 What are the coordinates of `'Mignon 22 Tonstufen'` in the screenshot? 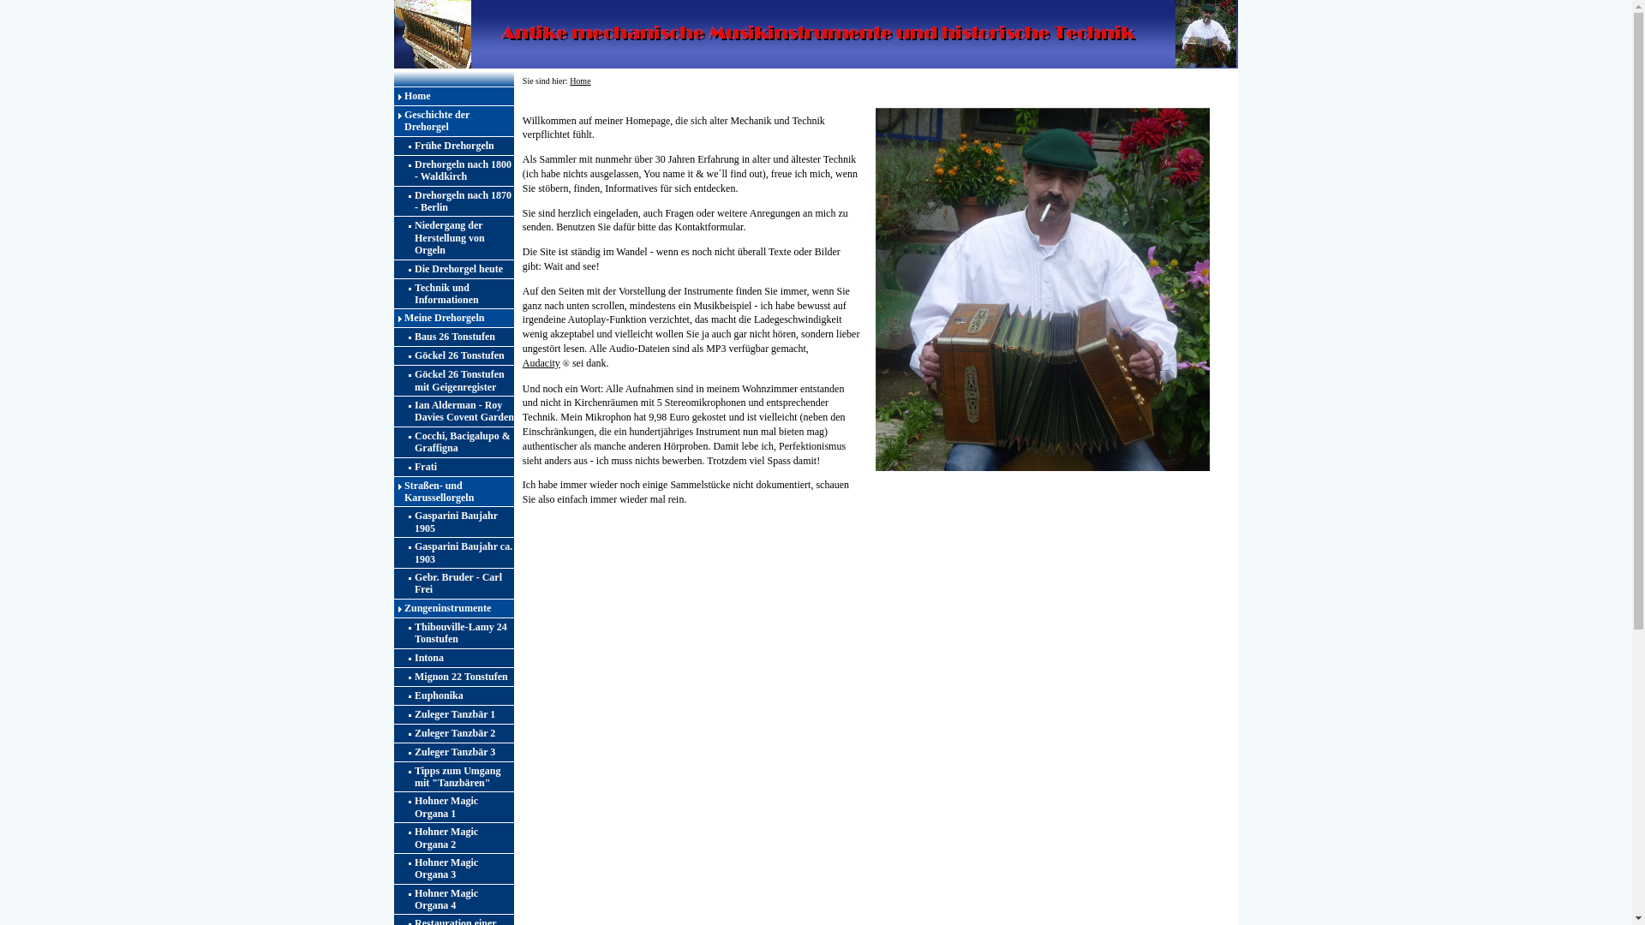 It's located at (453, 676).